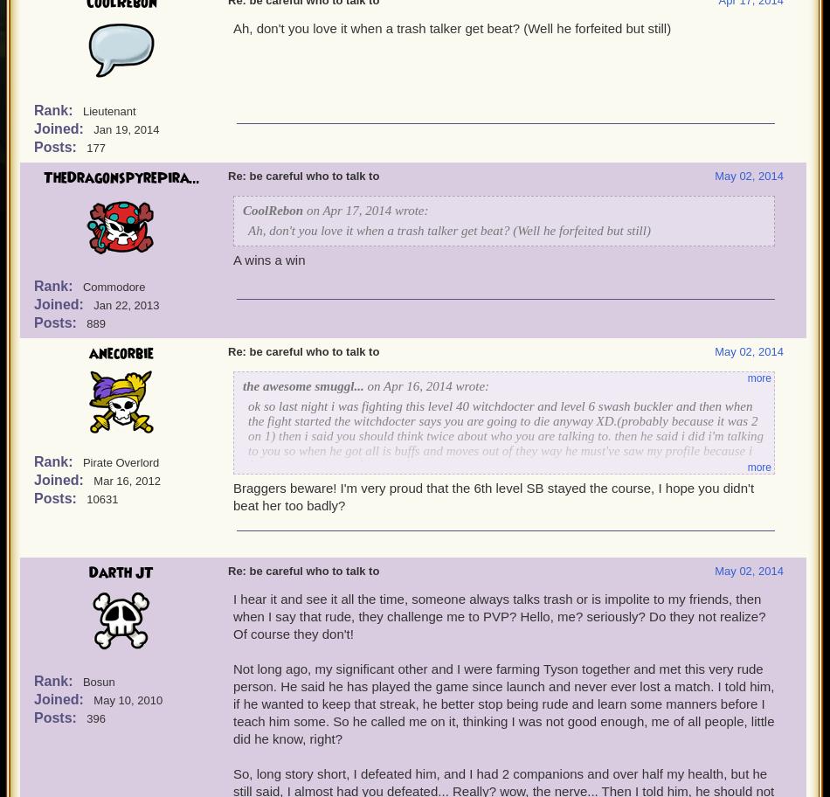 The image size is (830, 797). I want to click on 'Lieutenant', so click(108, 110).